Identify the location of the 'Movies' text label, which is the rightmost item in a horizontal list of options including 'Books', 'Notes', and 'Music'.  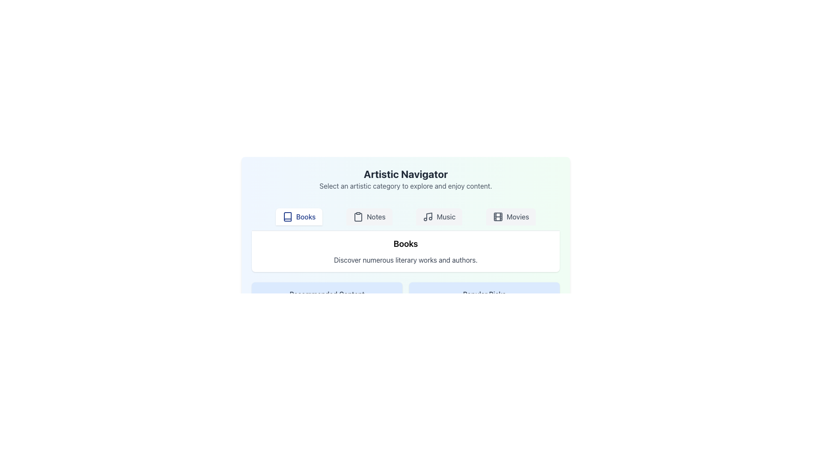
(517, 216).